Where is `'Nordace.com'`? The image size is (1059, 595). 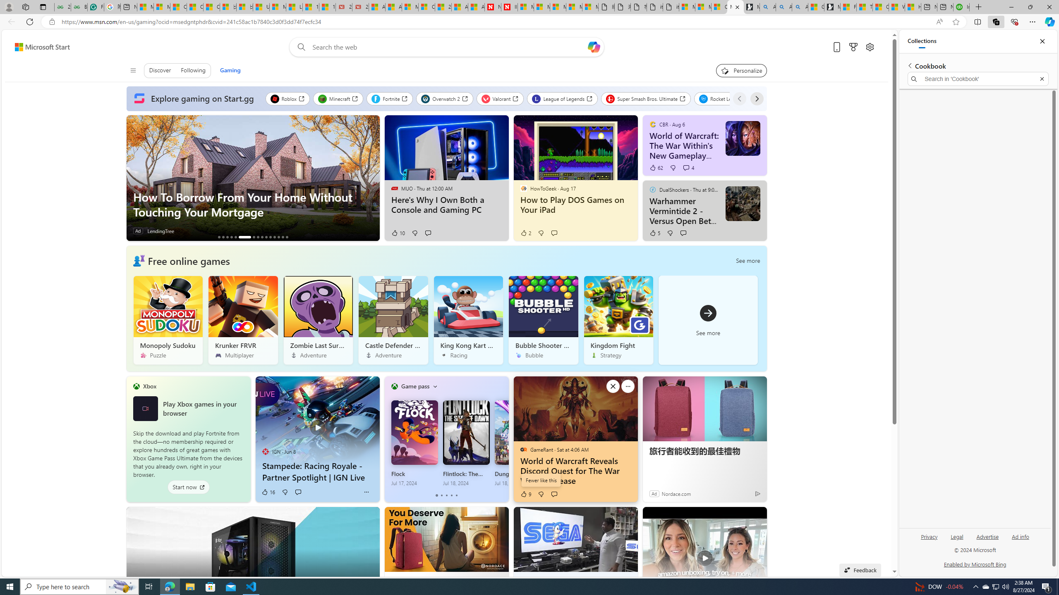
'Nordace.com' is located at coordinates (676, 493).